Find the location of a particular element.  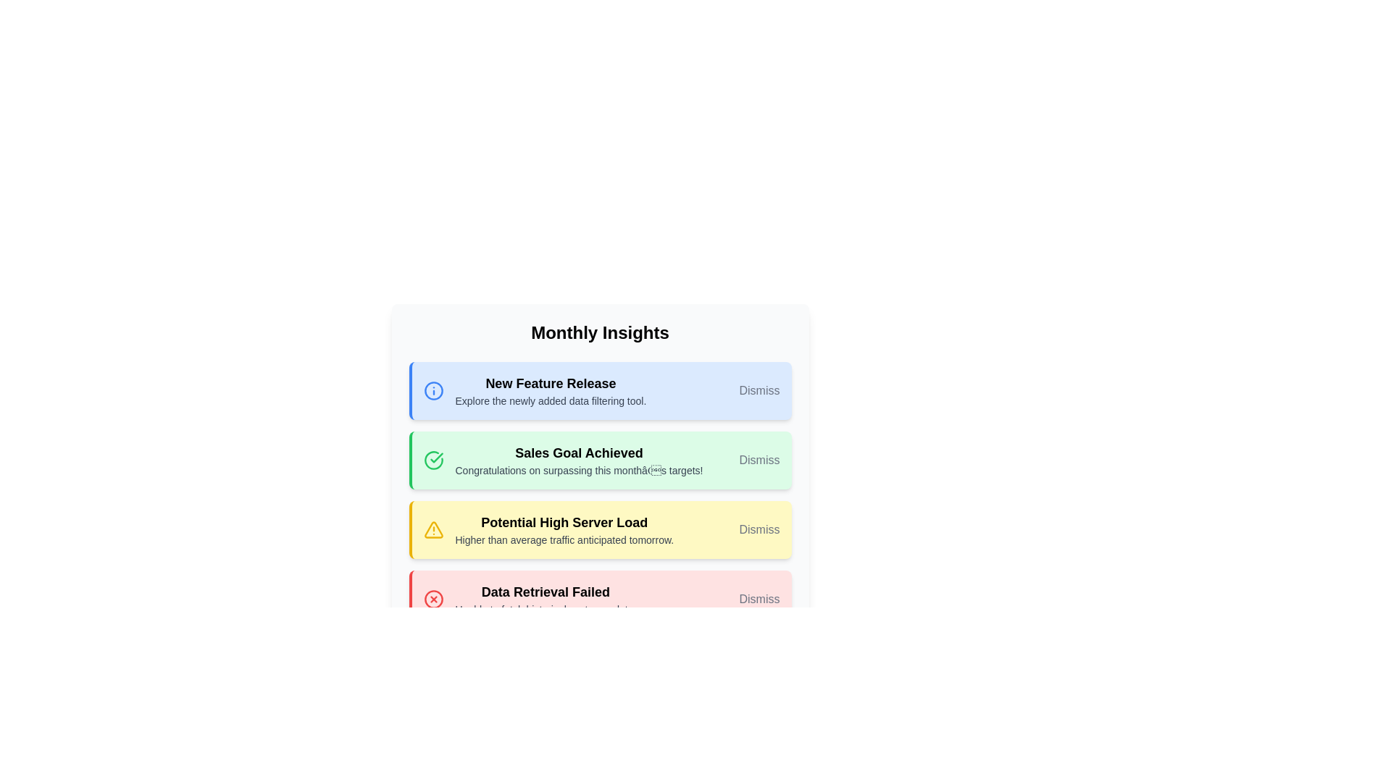

the text label that reads 'Congratulations on surpassing this month’s targets!' which is located under the bold title 'Sales Goal Achieved' in the green notification card is located at coordinates (578, 471).